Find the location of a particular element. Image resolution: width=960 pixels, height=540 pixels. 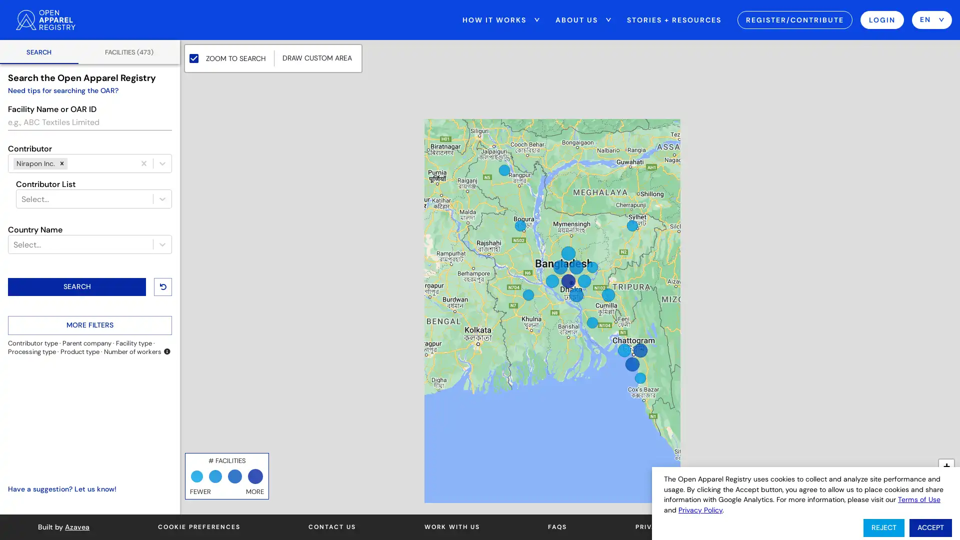

Zoom out is located at coordinates (945, 481).